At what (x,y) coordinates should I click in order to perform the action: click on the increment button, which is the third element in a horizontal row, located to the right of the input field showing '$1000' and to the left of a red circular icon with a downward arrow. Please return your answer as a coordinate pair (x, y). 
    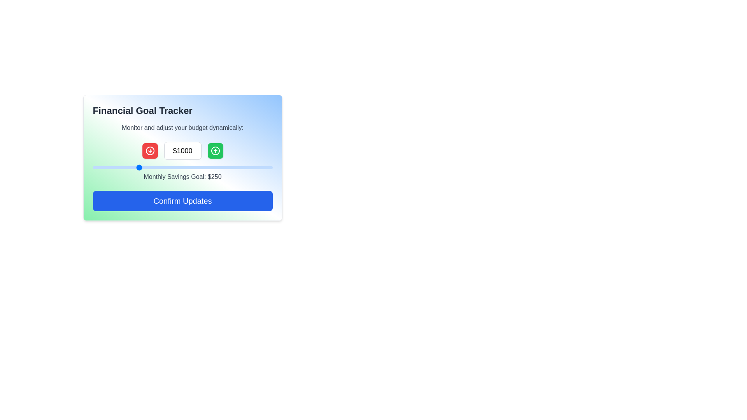
    Looking at the image, I should click on (215, 151).